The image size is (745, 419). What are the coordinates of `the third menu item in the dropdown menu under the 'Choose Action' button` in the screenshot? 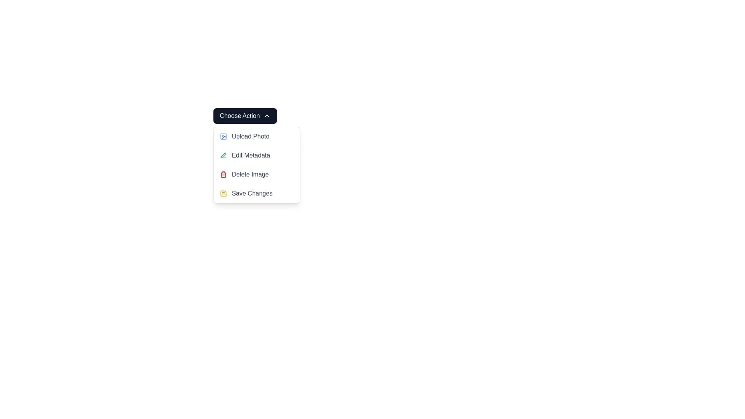 It's located at (257, 174).